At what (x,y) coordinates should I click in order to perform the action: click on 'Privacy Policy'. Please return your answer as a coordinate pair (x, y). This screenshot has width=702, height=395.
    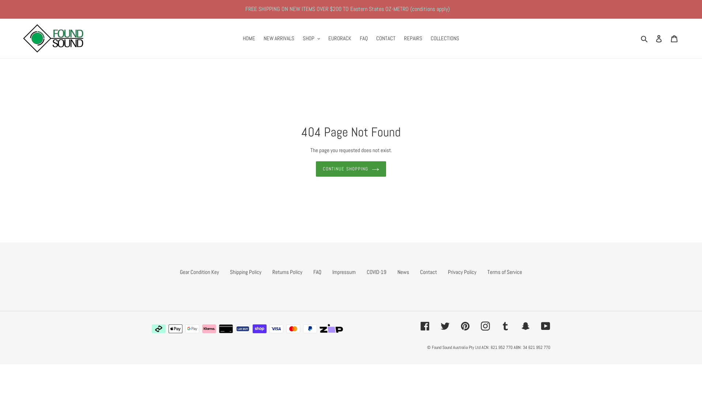
    Looking at the image, I should click on (461, 272).